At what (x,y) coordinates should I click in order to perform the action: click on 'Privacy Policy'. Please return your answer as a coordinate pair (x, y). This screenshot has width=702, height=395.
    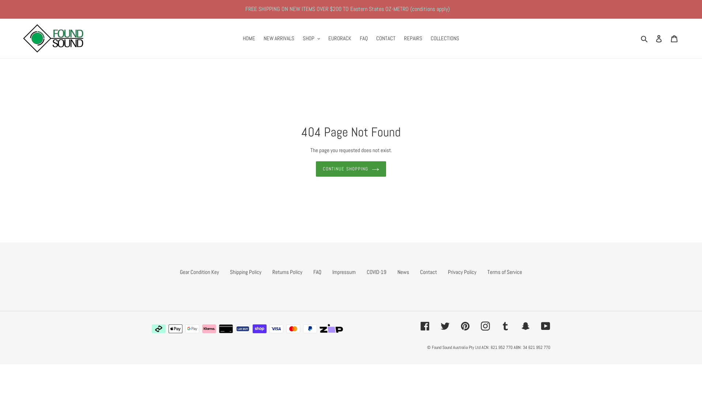
    Looking at the image, I should click on (461, 272).